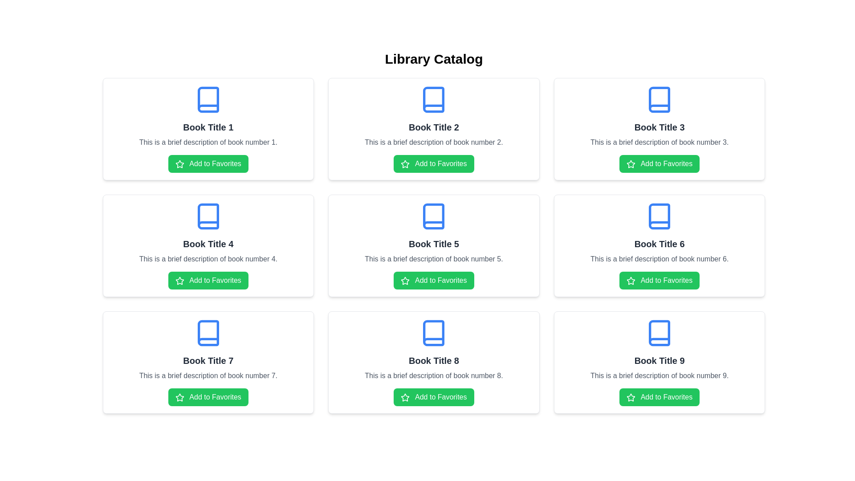 The image size is (855, 481). What do you see at coordinates (631, 164) in the screenshot?
I see `the star-shaped icon used for adding items to favorites, located below the 'Book Title 3' card in the library catalog interface` at bounding box center [631, 164].